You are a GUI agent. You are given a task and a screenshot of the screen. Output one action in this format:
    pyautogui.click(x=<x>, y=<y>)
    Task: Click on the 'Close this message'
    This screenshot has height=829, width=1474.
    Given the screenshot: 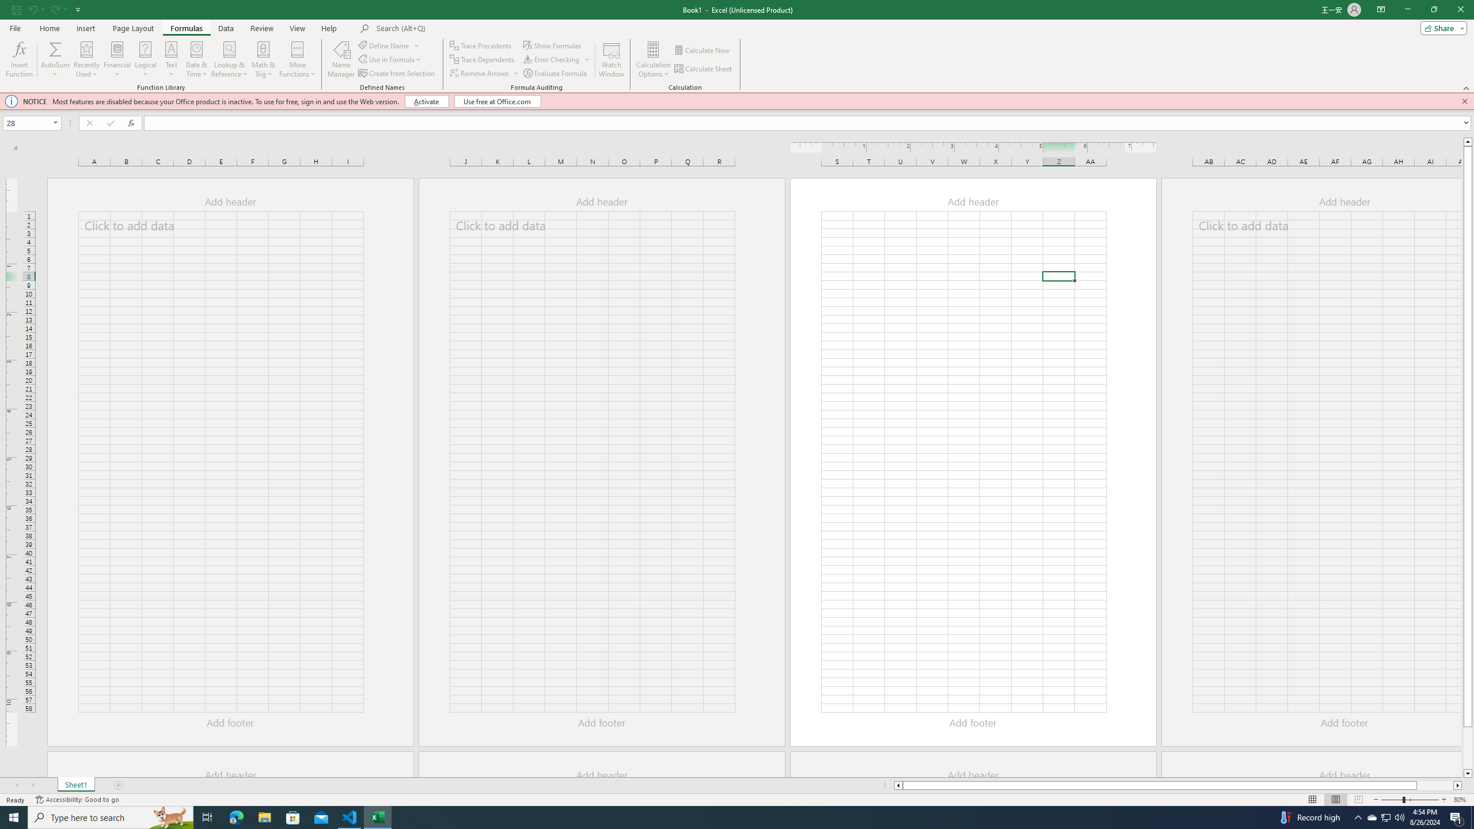 What is the action you would take?
    pyautogui.click(x=1464, y=101)
    